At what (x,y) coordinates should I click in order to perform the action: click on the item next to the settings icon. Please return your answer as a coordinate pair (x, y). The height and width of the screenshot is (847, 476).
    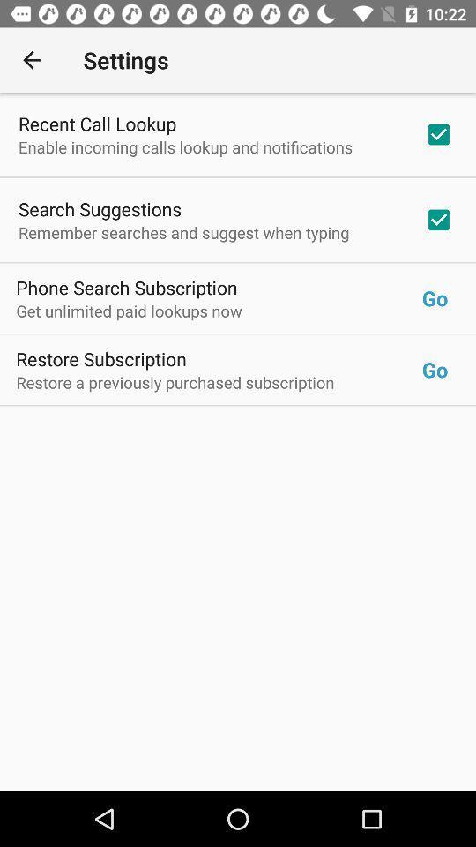
    Looking at the image, I should click on (32, 60).